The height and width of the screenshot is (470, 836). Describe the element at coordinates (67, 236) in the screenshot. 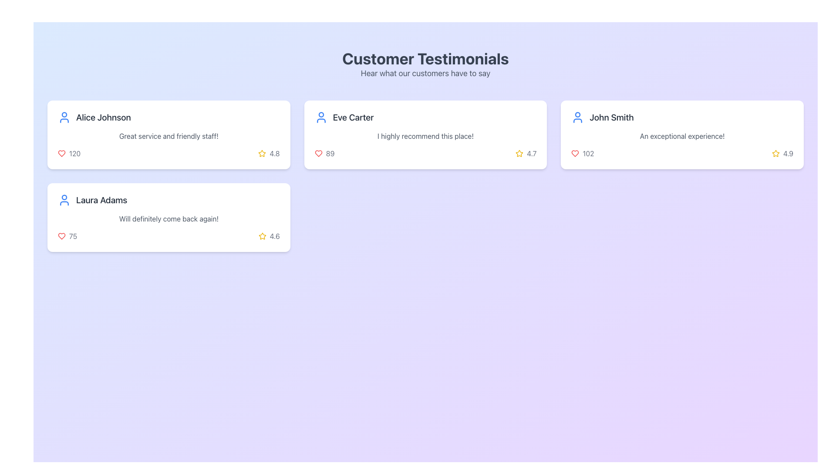

I see `the heart icon and count display element indicating 75 likes under Laura Adams' feedback` at that location.